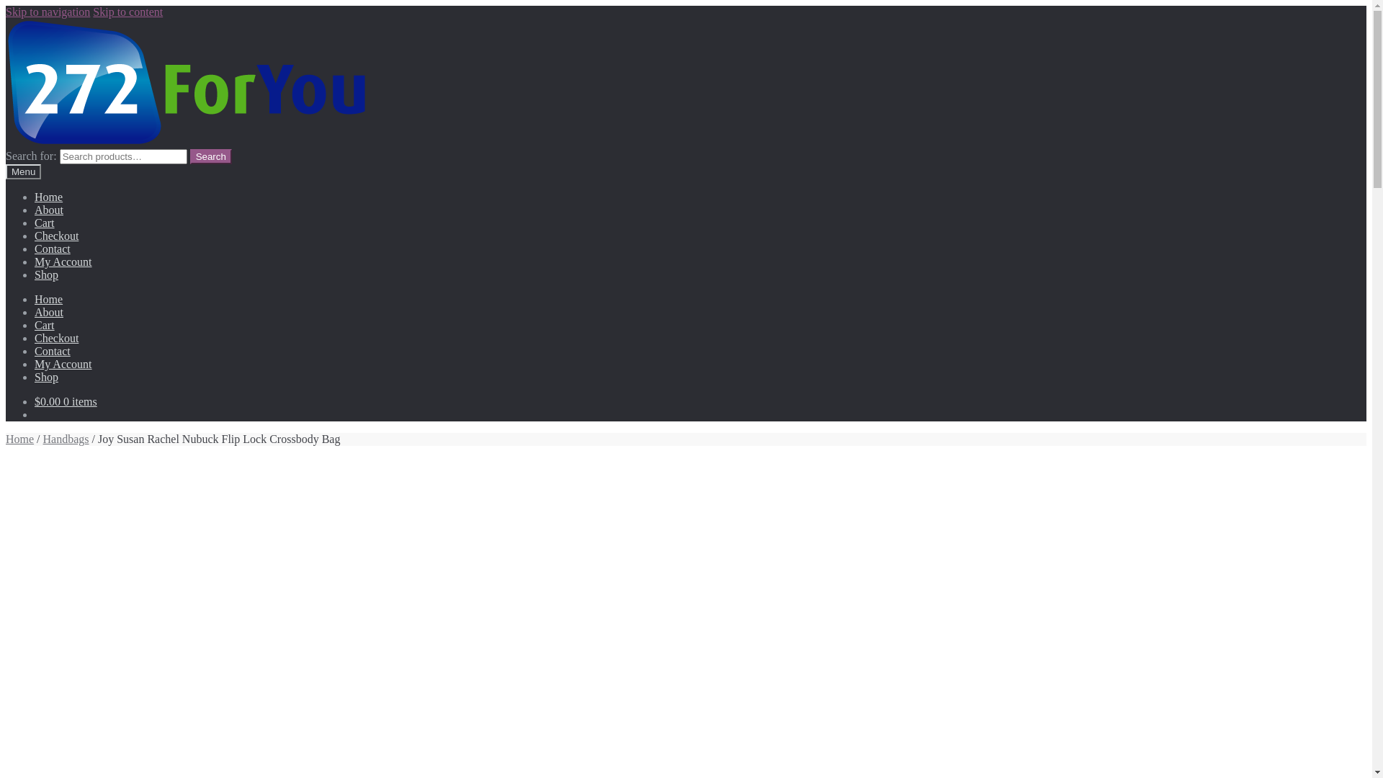  Describe the element at coordinates (6, 171) in the screenshot. I see `'Menu'` at that location.